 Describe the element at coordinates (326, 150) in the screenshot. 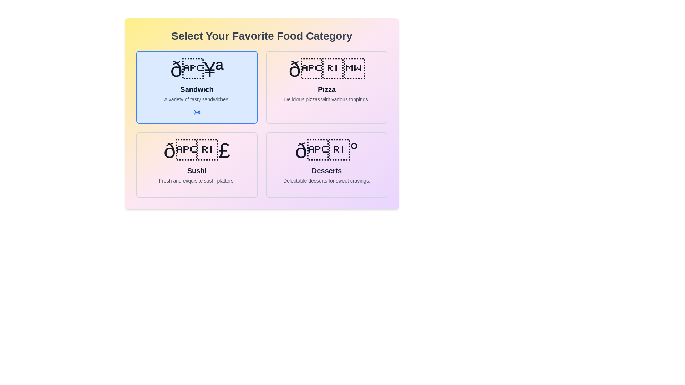

I see `the decorative icon located at the bottom-right of the 'Desserts' card section, which visually represents desserts, before the text 'Desserts'` at that location.